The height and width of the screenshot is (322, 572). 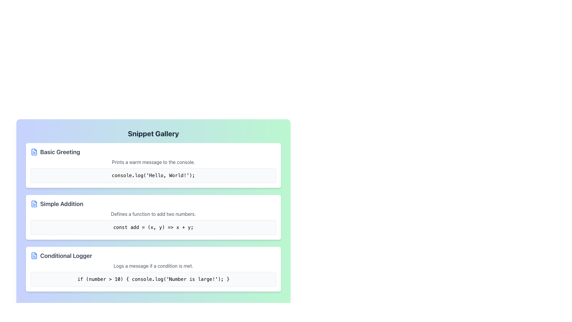 I want to click on the Text block styled as a code snippet containing the code 'const add = (x, y) => x + y;' which is located in the lower section of the 'Simple Addition' section, so click(x=153, y=227).